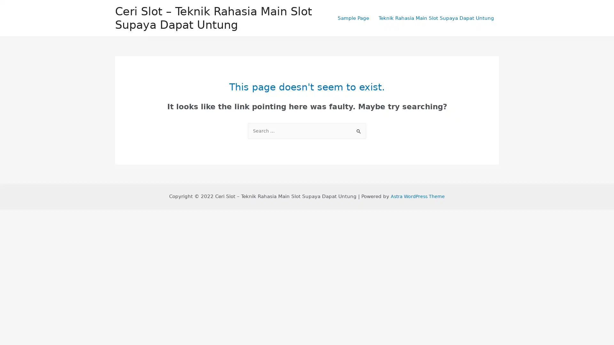 The image size is (614, 345). What do you see at coordinates (359, 129) in the screenshot?
I see `Search` at bounding box center [359, 129].